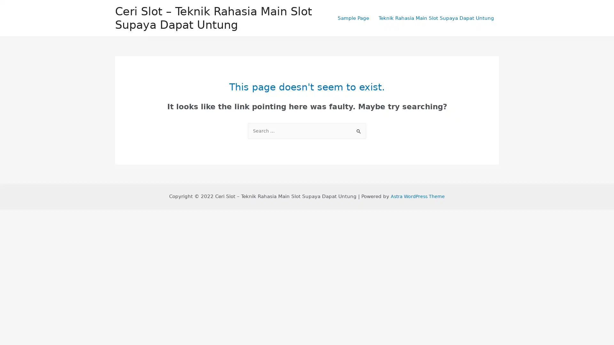 The image size is (614, 345). What do you see at coordinates (359, 129) in the screenshot?
I see `Search` at bounding box center [359, 129].